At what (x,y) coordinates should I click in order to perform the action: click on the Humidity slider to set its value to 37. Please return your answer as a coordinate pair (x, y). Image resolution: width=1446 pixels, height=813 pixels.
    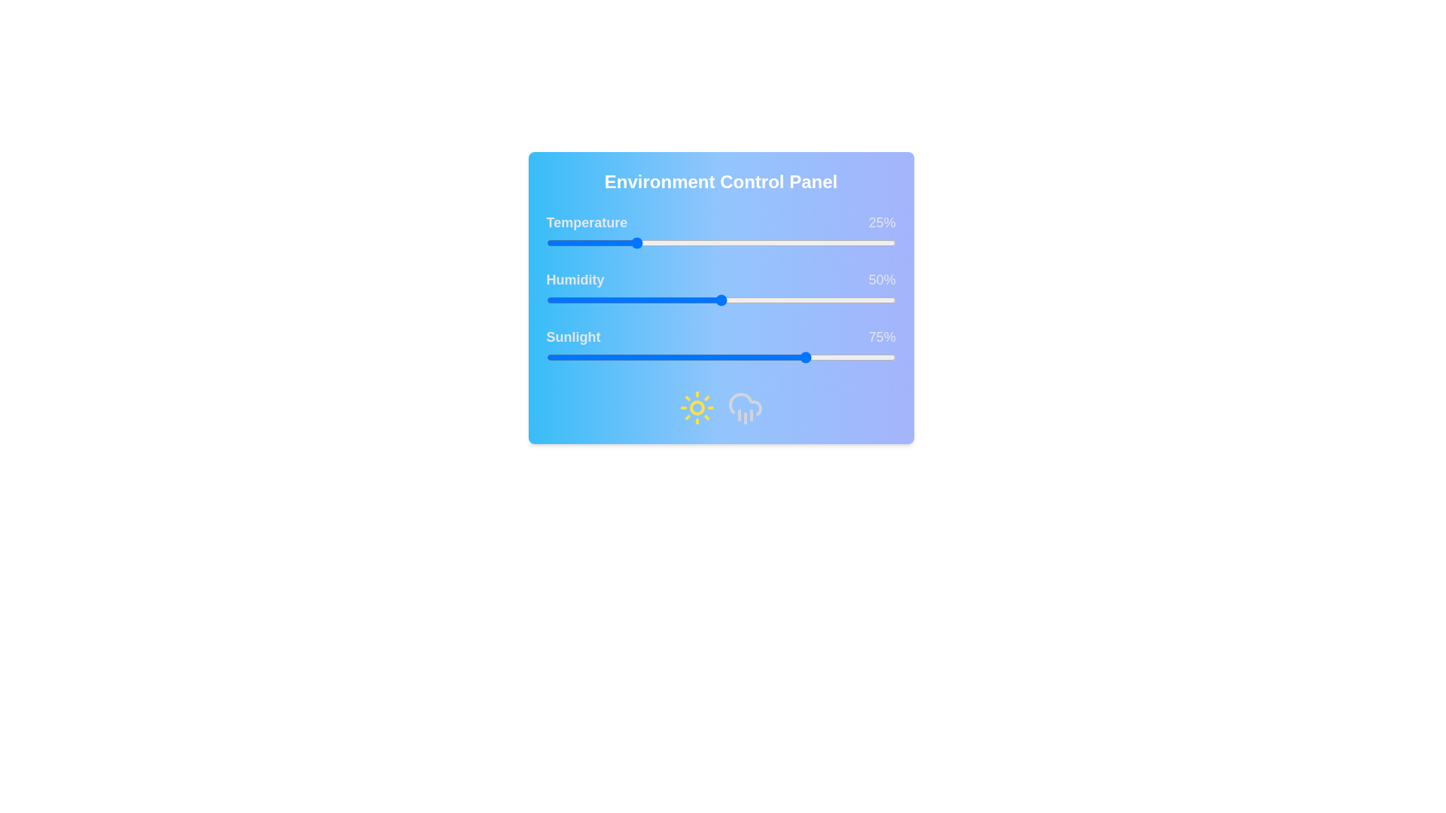
    Looking at the image, I should click on (675, 300).